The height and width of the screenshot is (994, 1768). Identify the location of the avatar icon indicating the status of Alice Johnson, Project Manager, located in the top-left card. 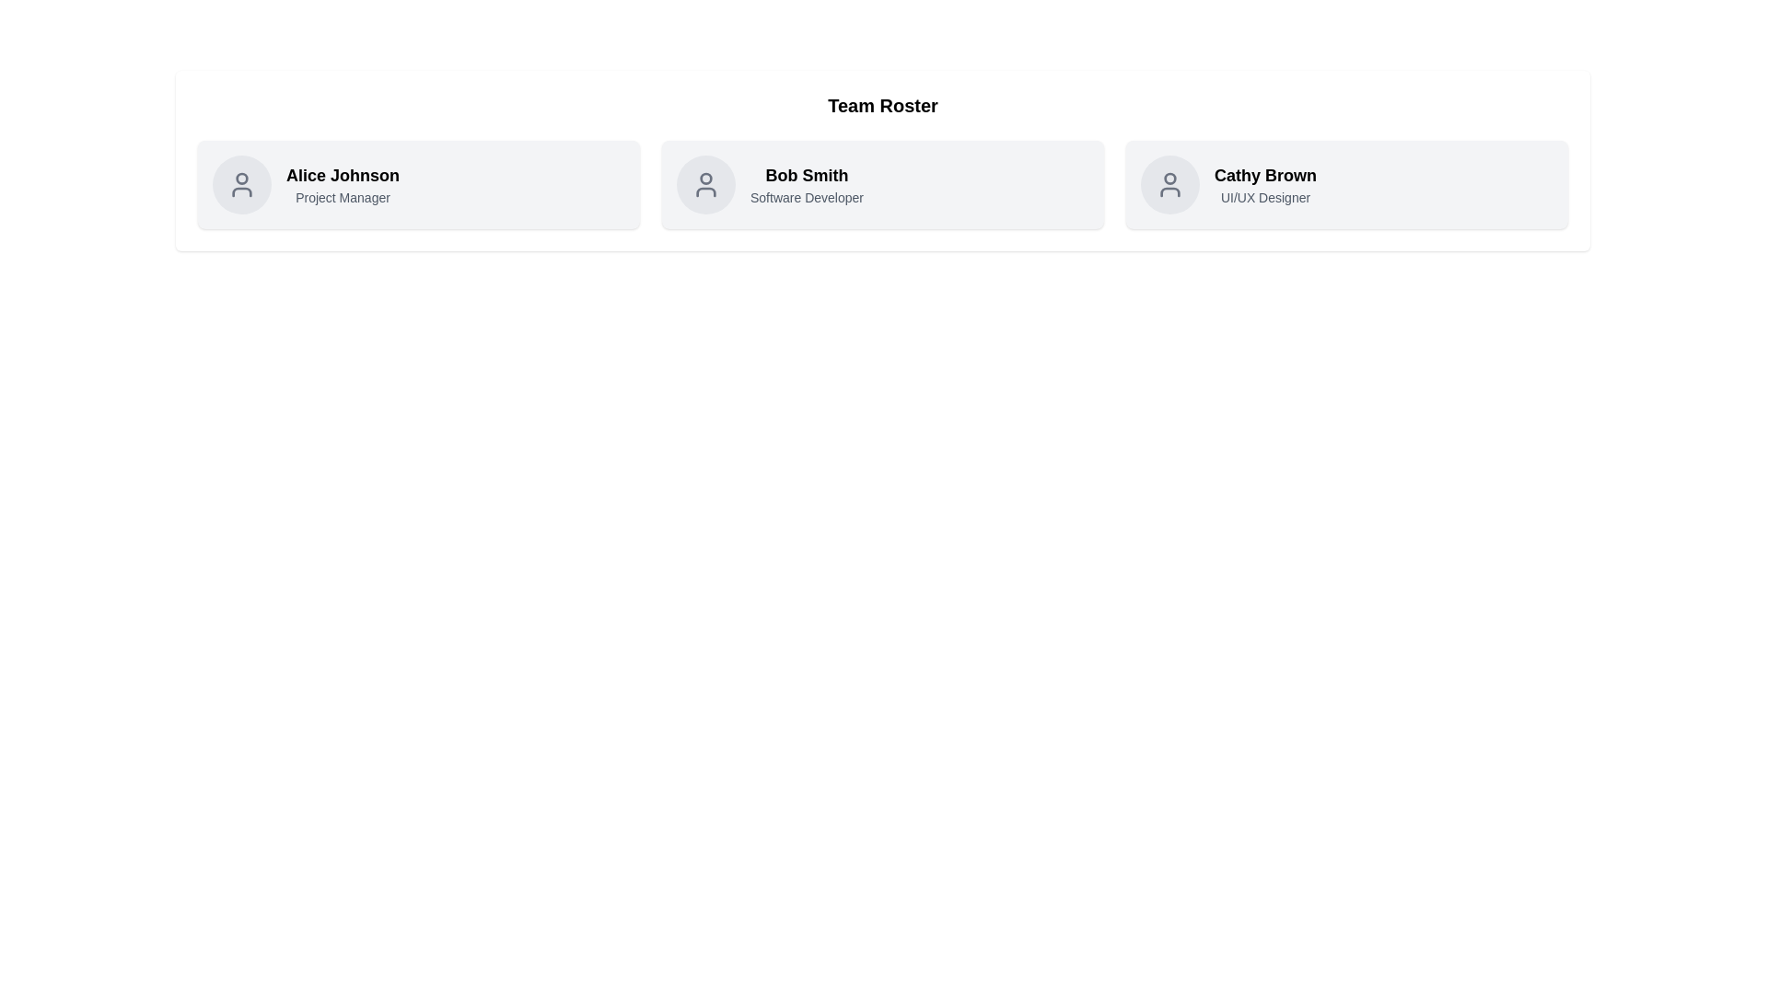
(241, 178).